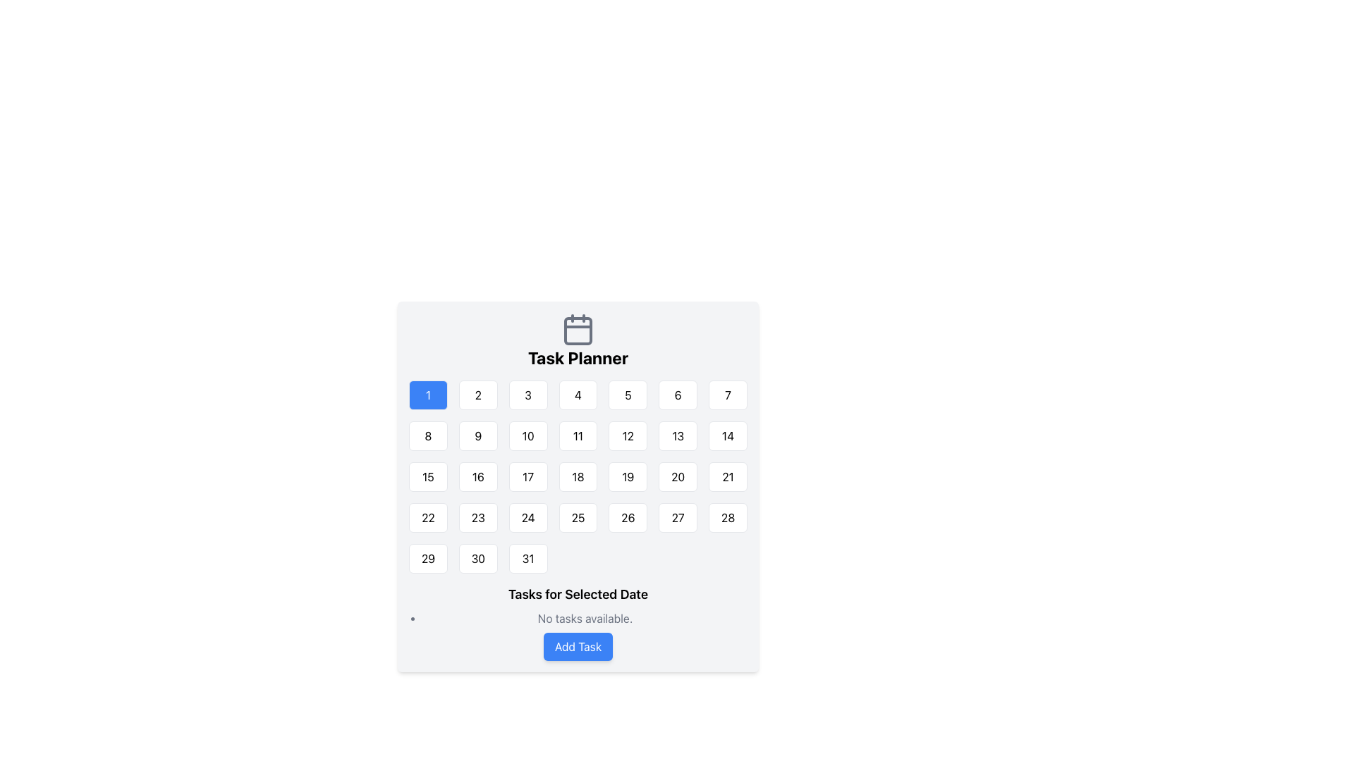 This screenshot has width=1354, height=761. What do you see at coordinates (627, 476) in the screenshot?
I see `the square button displaying the number '19' in bold black text, located in the third row and fifth column of the calendar grid` at bounding box center [627, 476].